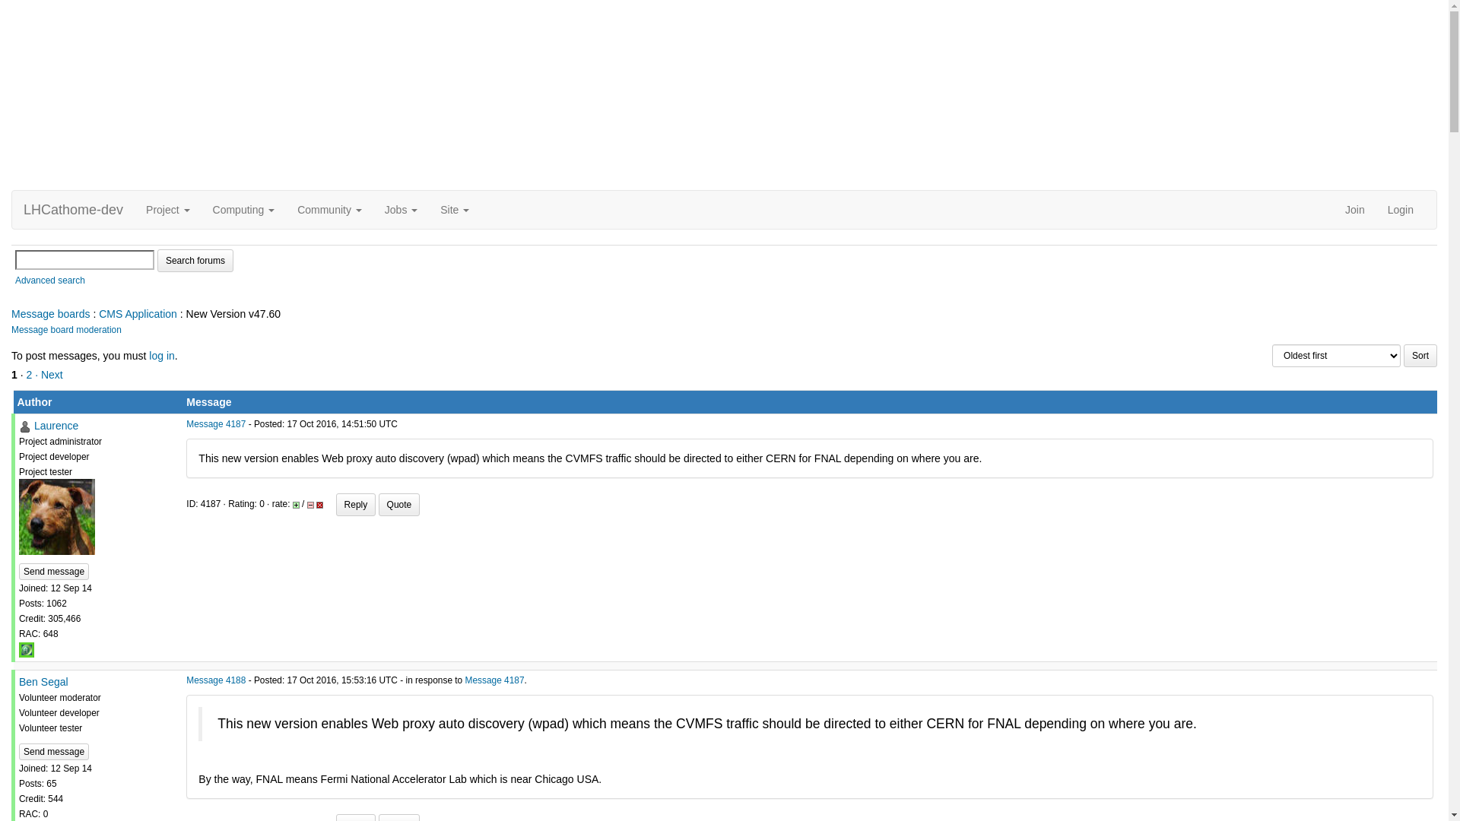 Image resolution: width=1460 pixels, height=821 pixels. Describe the element at coordinates (43, 681) in the screenshot. I see `'Ben Segal'` at that location.